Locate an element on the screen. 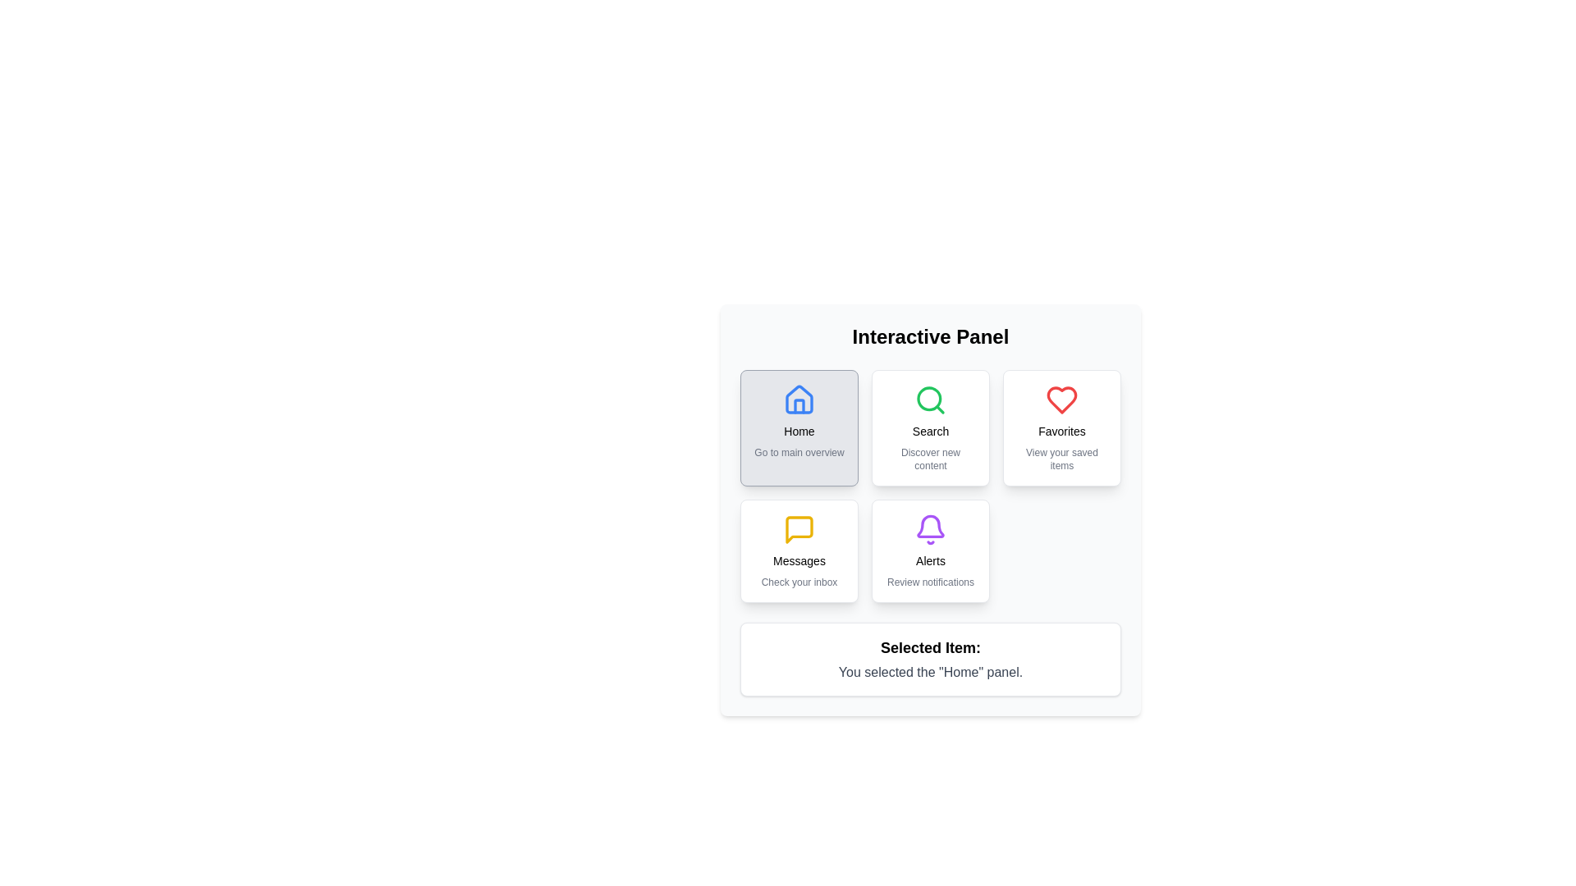  the descriptive text label located below the 'Messages' text in the bottom section of the 'Messages' card is located at coordinates (799, 581).